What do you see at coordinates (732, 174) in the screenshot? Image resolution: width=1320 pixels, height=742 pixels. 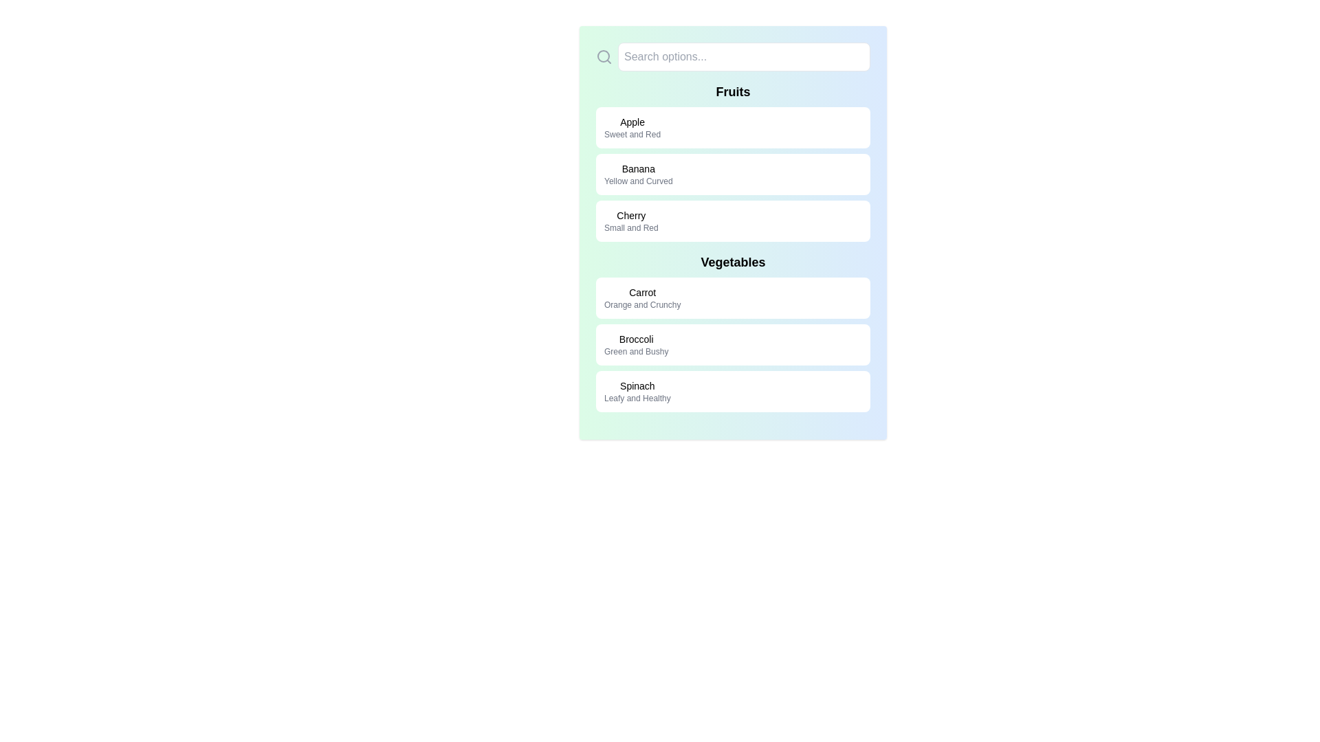 I see `the 'Banana' list item panel located between the 'Apple' panel and the 'Cherry' panel` at bounding box center [732, 174].